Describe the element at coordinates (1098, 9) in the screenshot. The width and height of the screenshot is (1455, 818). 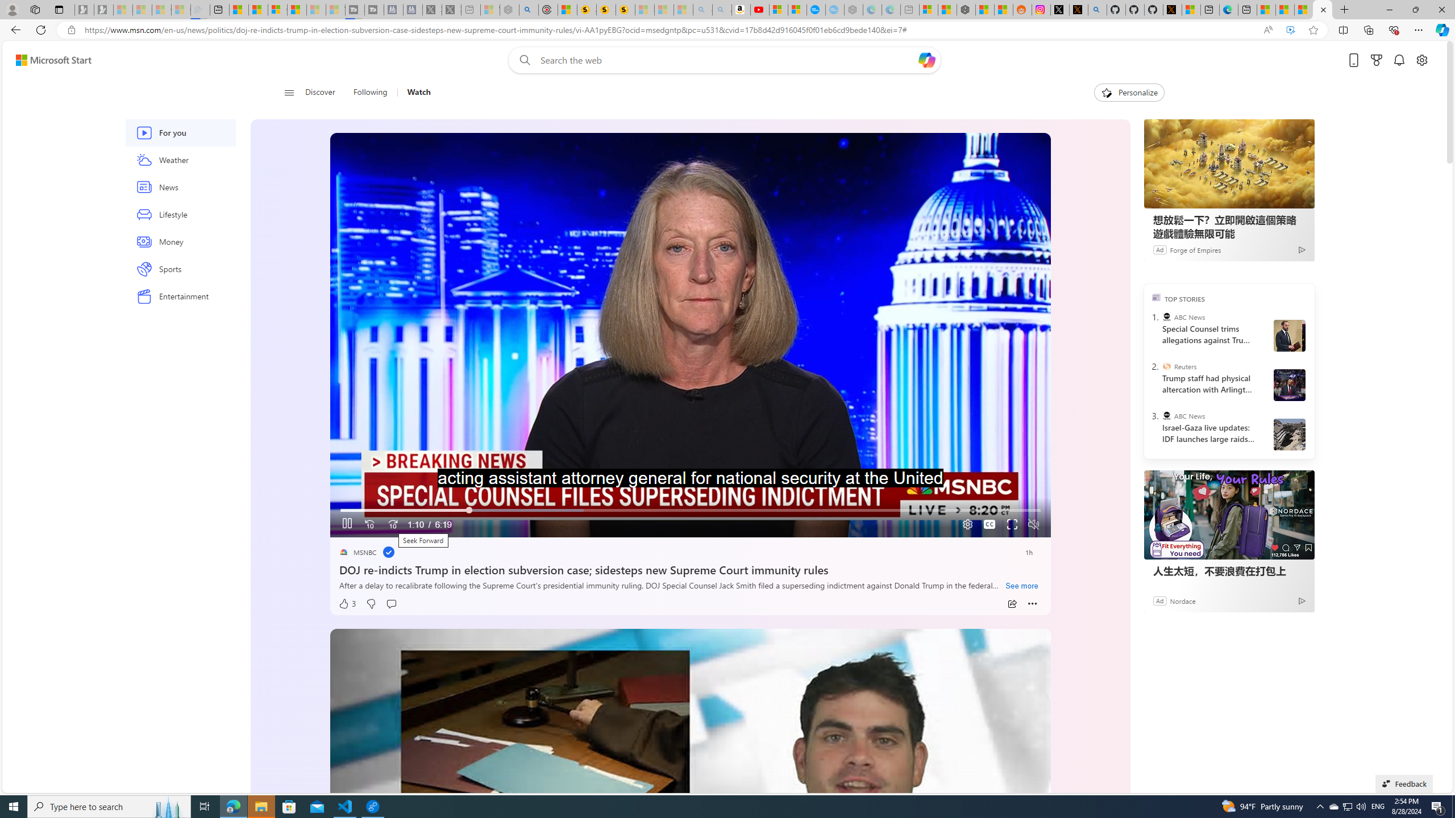
I see `'github - Search'` at that location.